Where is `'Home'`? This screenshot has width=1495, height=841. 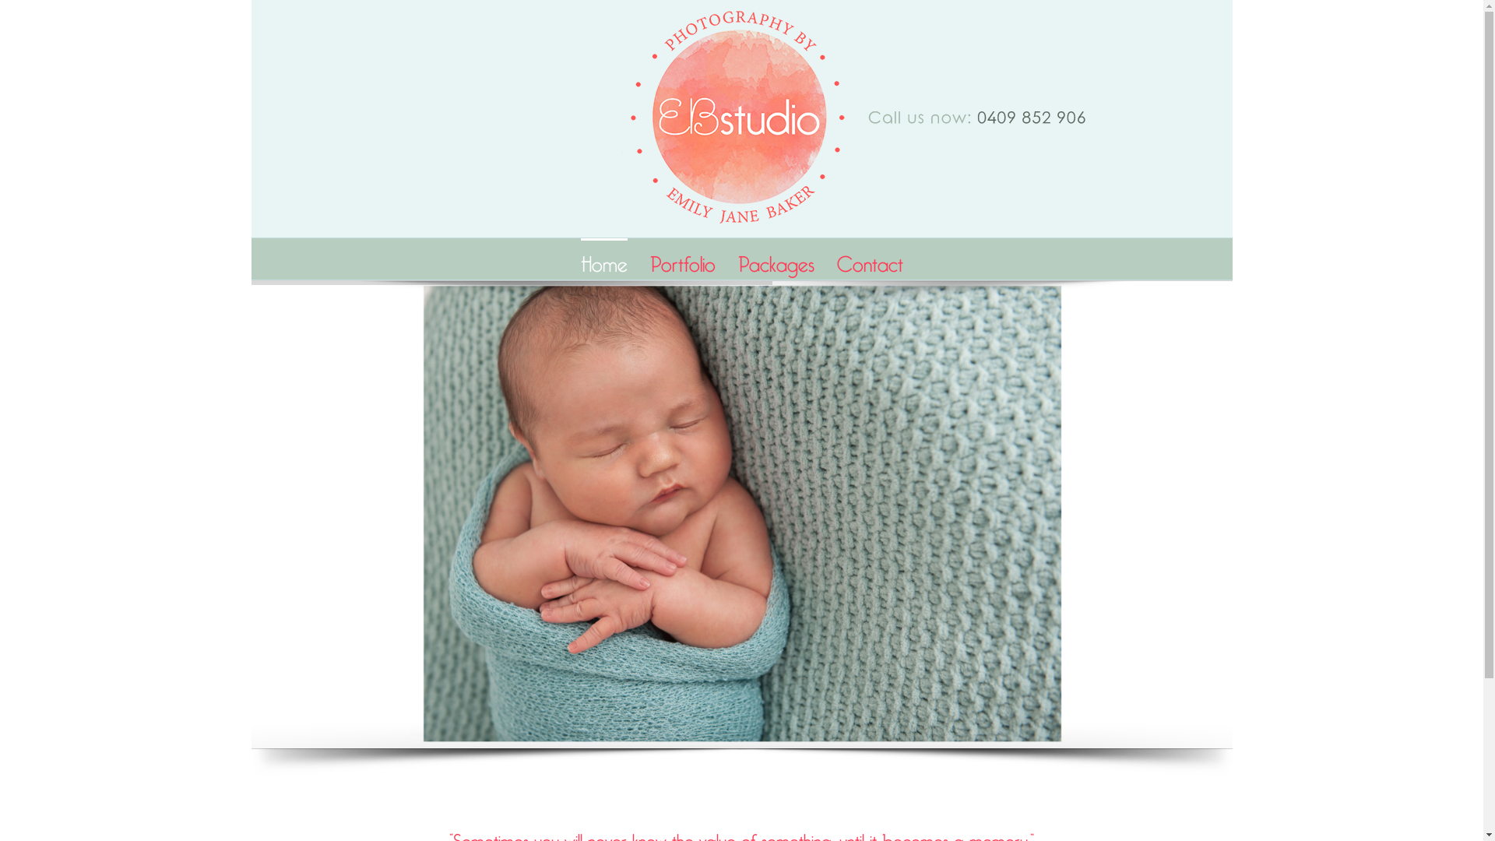
'Home' is located at coordinates (603, 258).